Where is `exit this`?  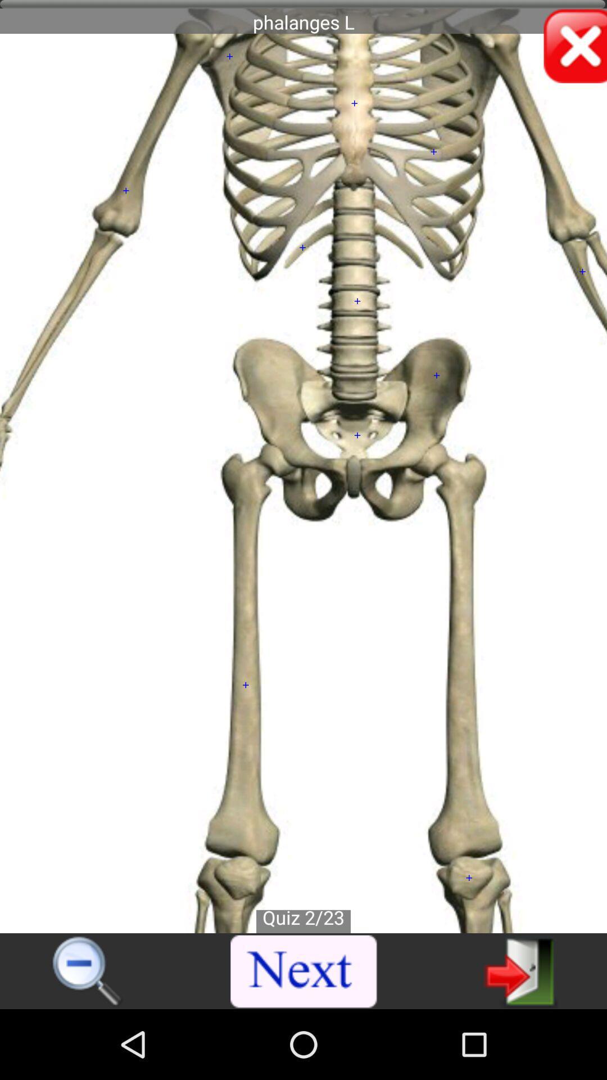 exit this is located at coordinates (520, 970).